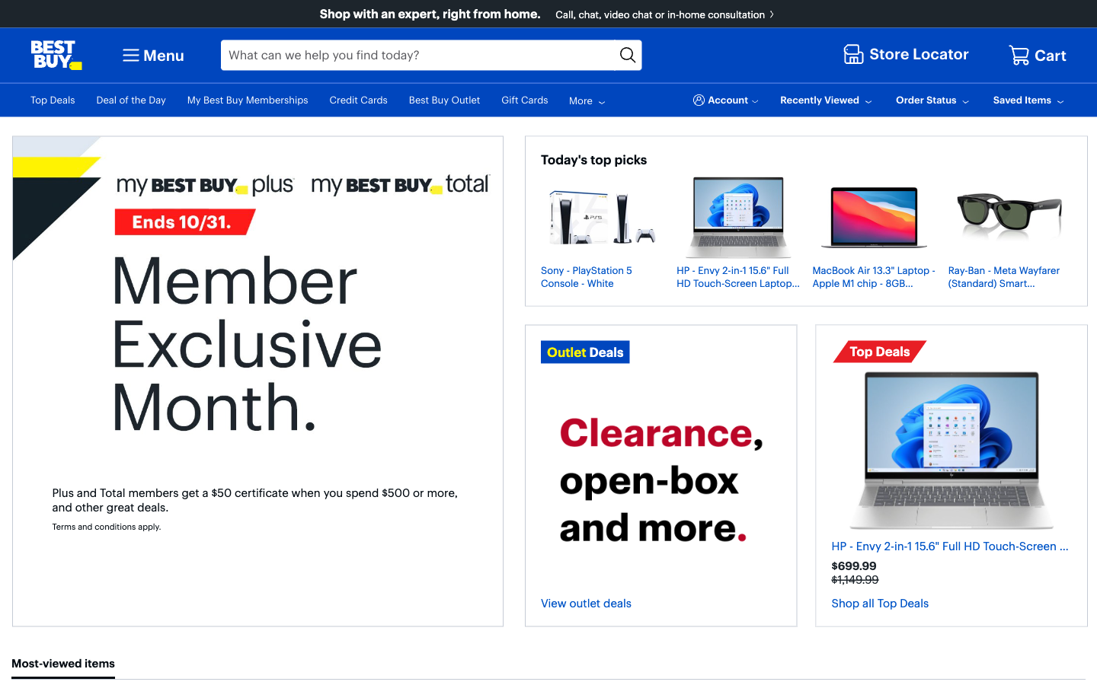  Describe the element at coordinates (933, 100) in the screenshot. I see `Assess the status of the last order placed` at that location.